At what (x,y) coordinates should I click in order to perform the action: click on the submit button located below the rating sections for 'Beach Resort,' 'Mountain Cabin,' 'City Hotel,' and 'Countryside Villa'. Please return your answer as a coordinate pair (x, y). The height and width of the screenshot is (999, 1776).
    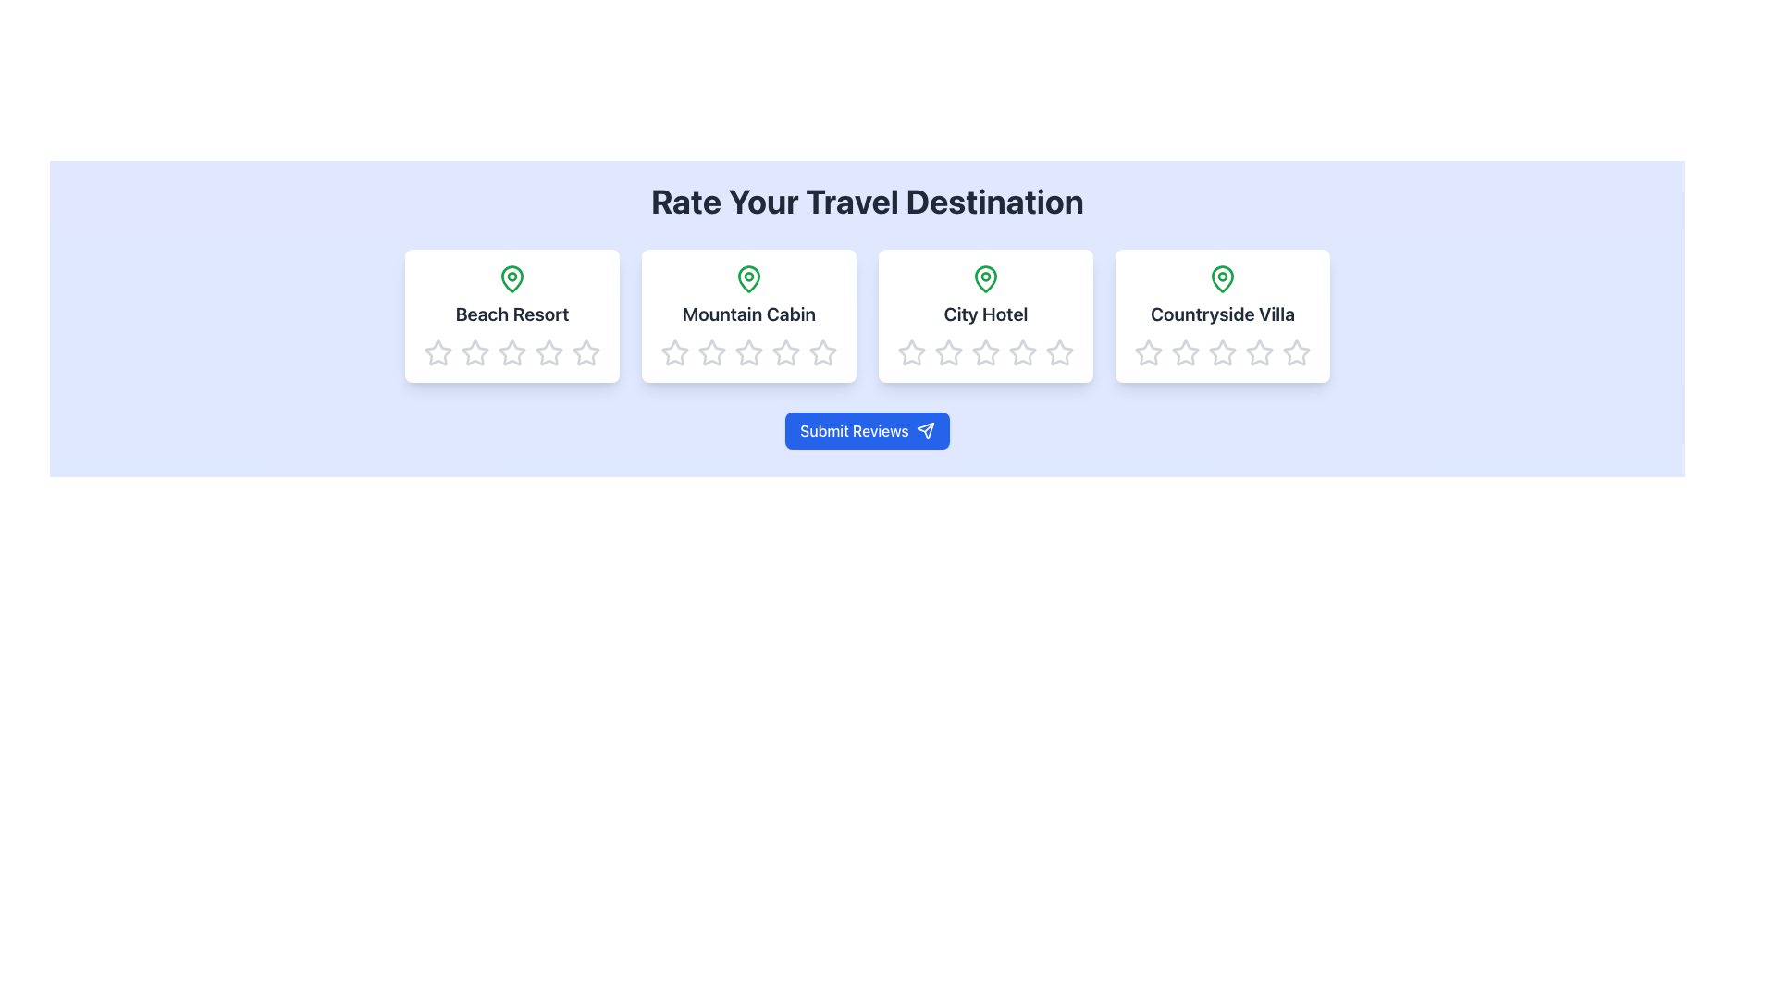
    Looking at the image, I should click on (866, 431).